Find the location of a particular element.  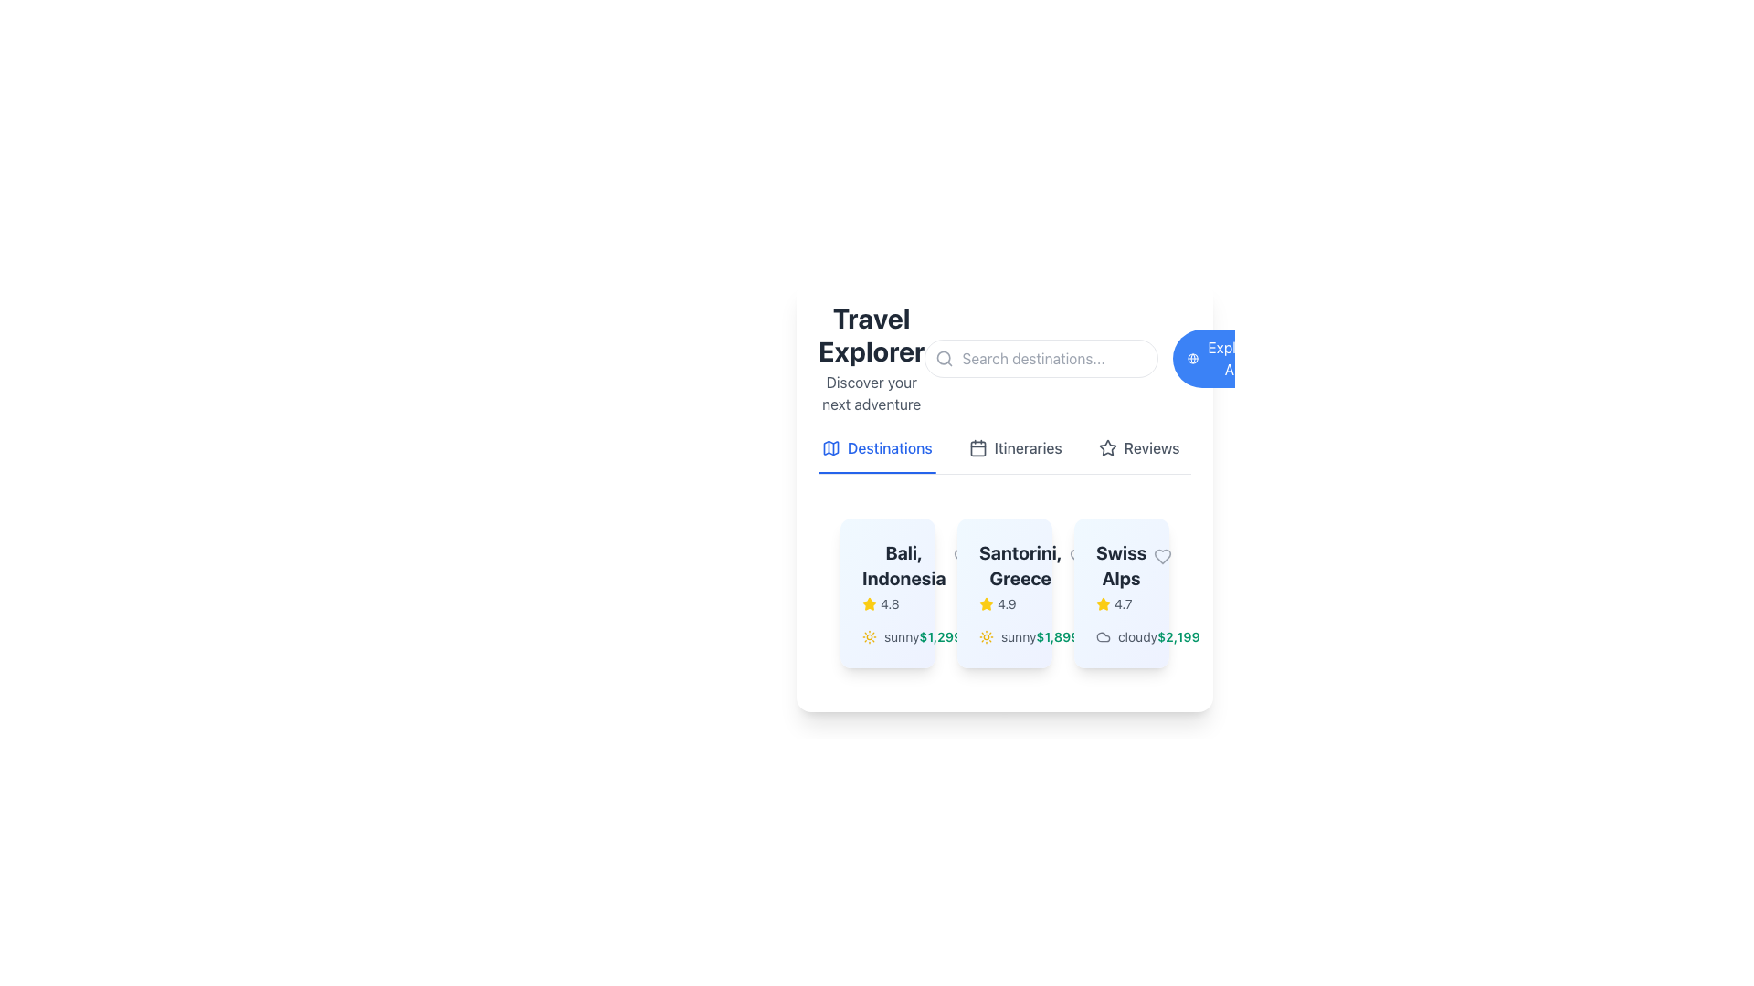

the 'Swiss Alps' rating element is located at coordinates (1120, 577).